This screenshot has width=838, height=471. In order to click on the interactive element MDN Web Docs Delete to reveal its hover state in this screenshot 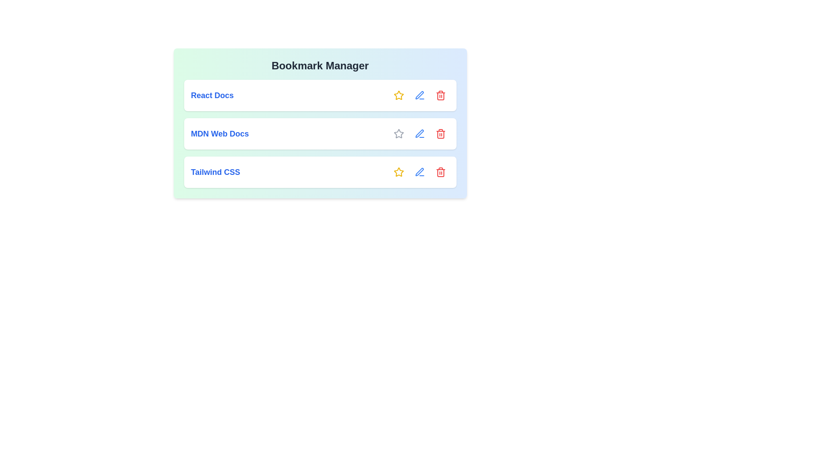, I will do `click(440, 134)`.